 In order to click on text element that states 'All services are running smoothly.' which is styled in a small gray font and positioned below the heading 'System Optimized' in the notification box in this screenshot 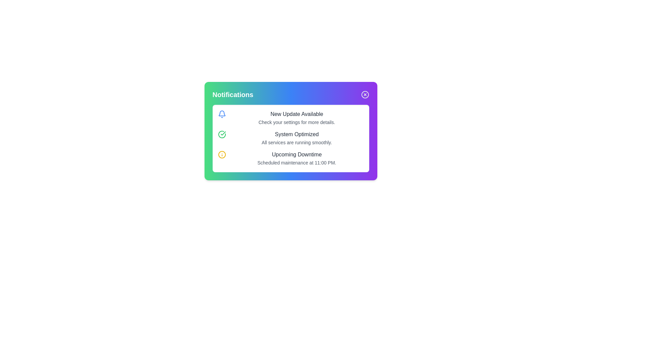, I will do `click(297, 142)`.